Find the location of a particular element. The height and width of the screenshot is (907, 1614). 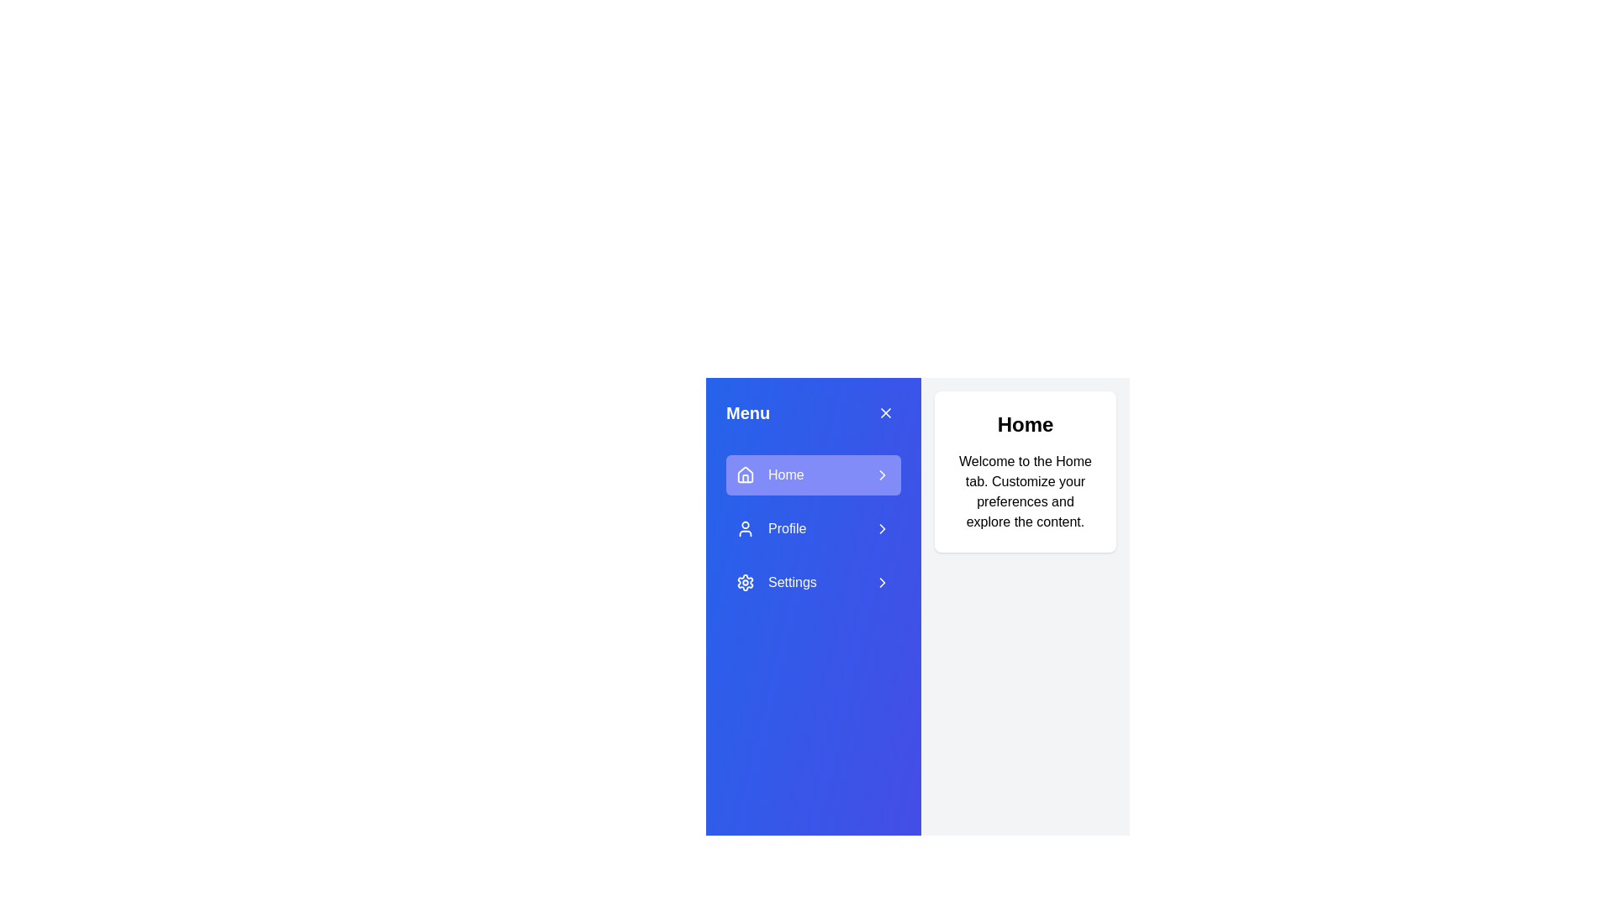

the bold 'Menu' label with white text on a blue background located in the top-left section of the blue sidebar is located at coordinates (747, 413).